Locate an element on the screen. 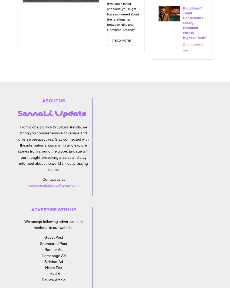  'Review Article' is located at coordinates (53, 280).